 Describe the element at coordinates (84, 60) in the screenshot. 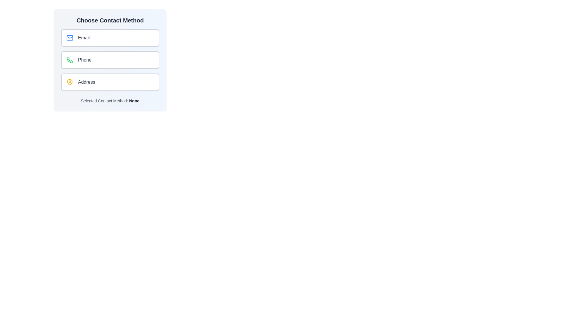

I see `the text label of the contact method Phone` at that location.